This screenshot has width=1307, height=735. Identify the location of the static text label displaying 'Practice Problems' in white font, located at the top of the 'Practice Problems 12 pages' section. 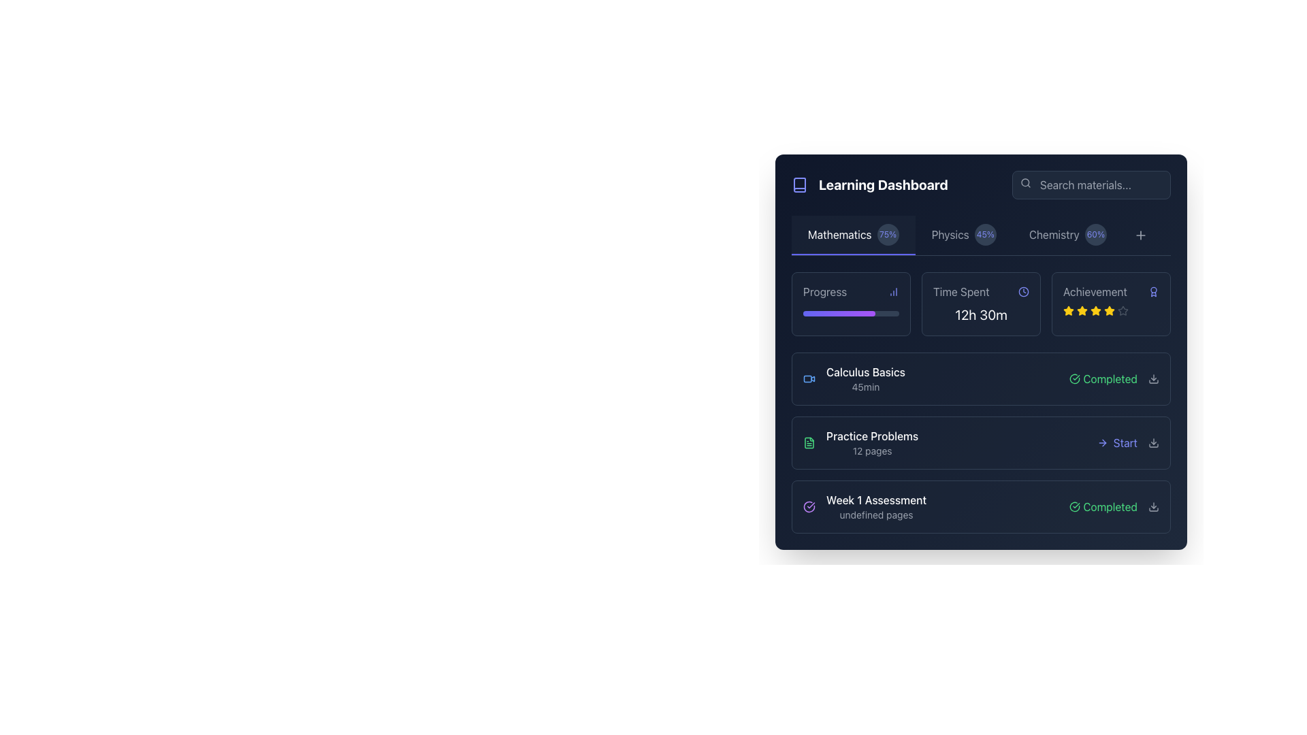
(872, 436).